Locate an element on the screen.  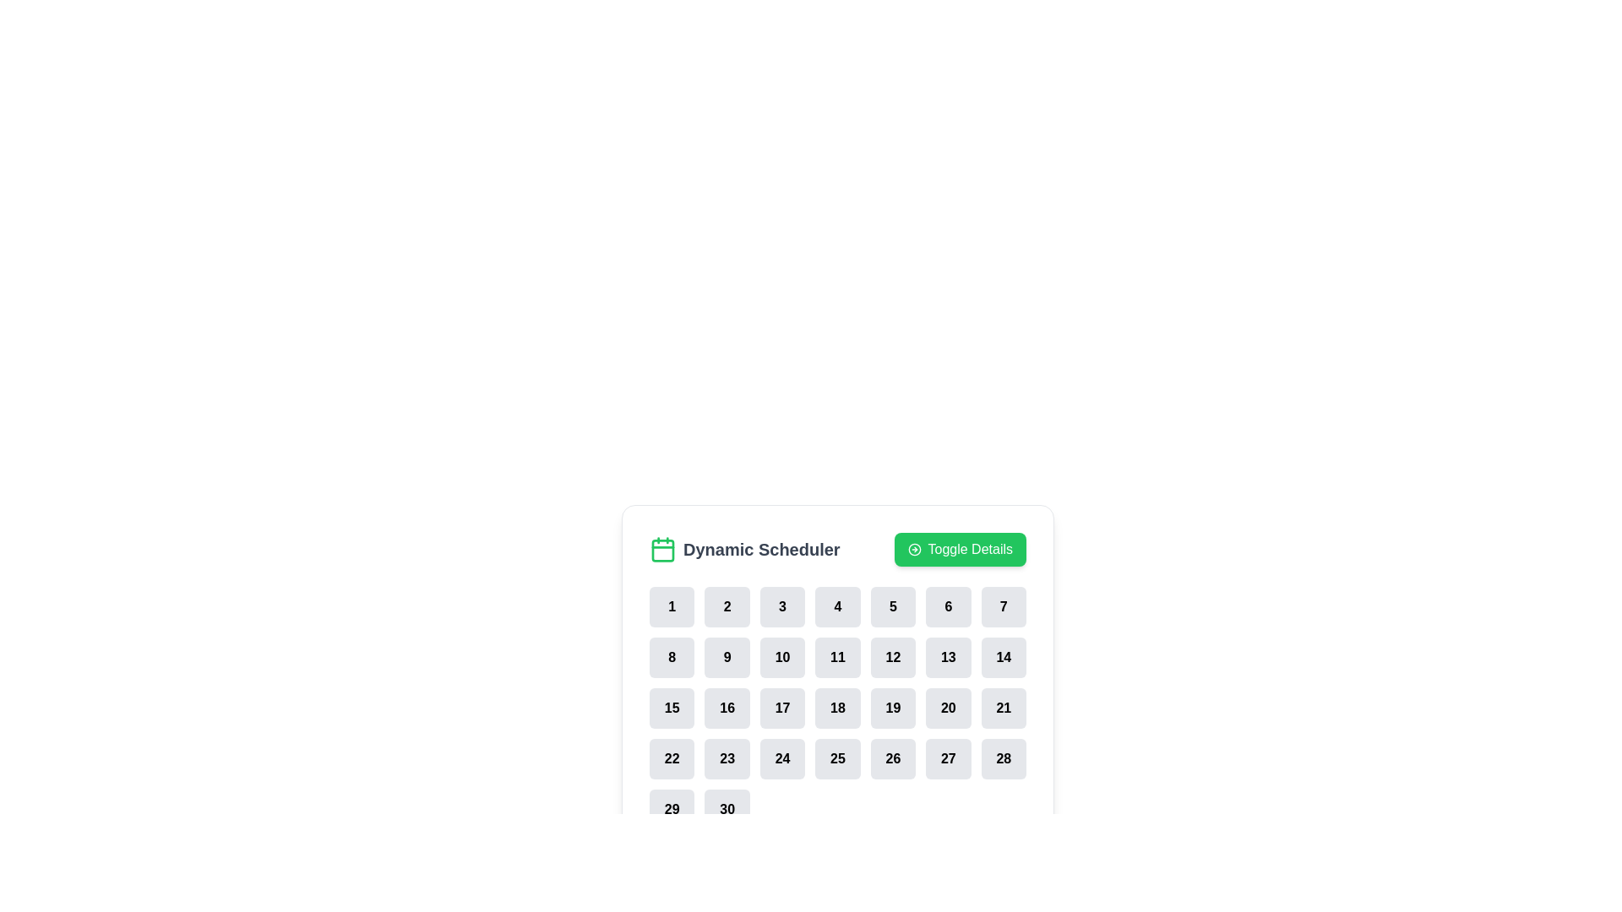
the interactive button labeled '25' in the calendar grid, which is used for selecting or interacting with the date is located at coordinates (838, 757).